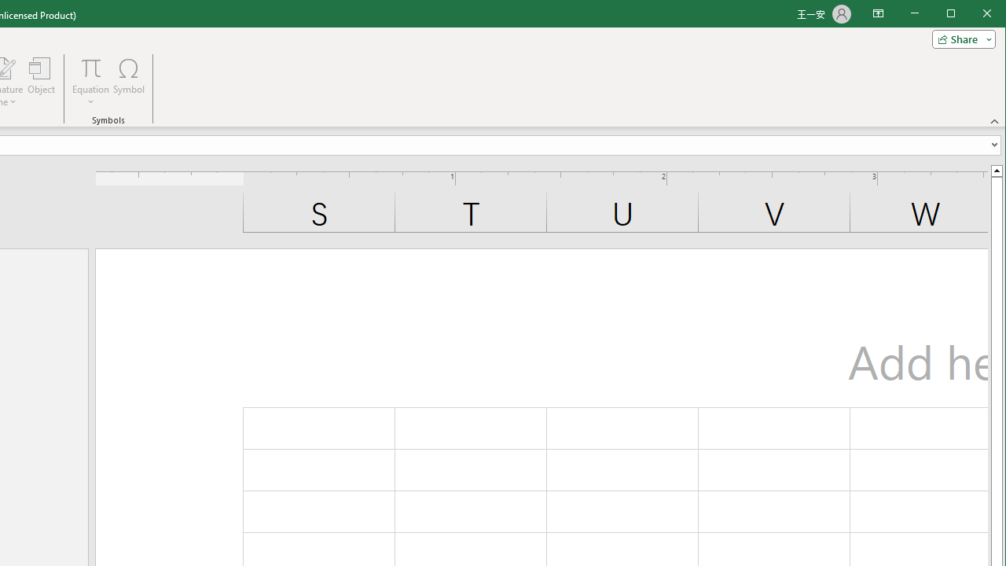  Describe the element at coordinates (129, 82) in the screenshot. I see `'Symbol...'` at that location.